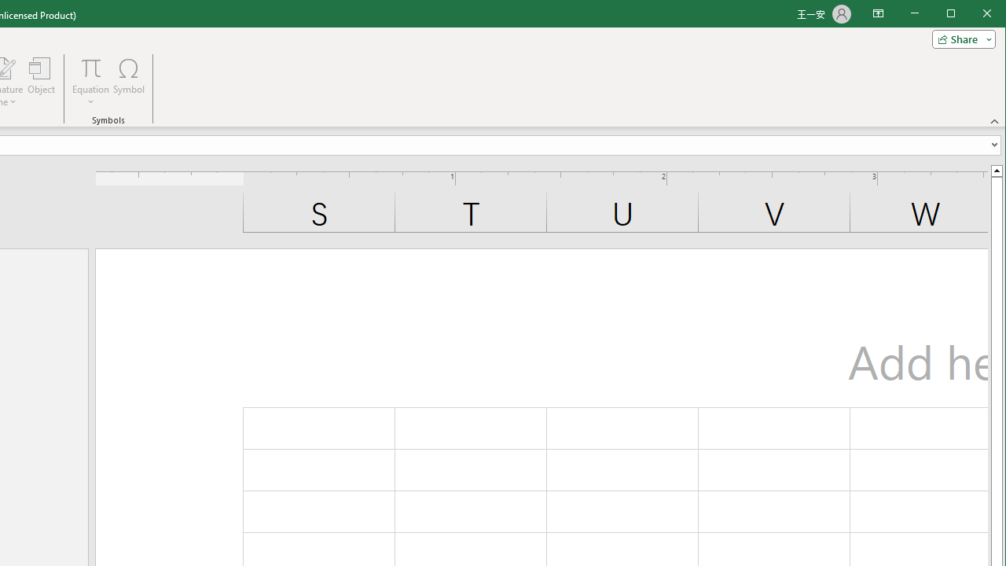  Describe the element at coordinates (129, 82) in the screenshot. I see `'Symbol...'` at that location.